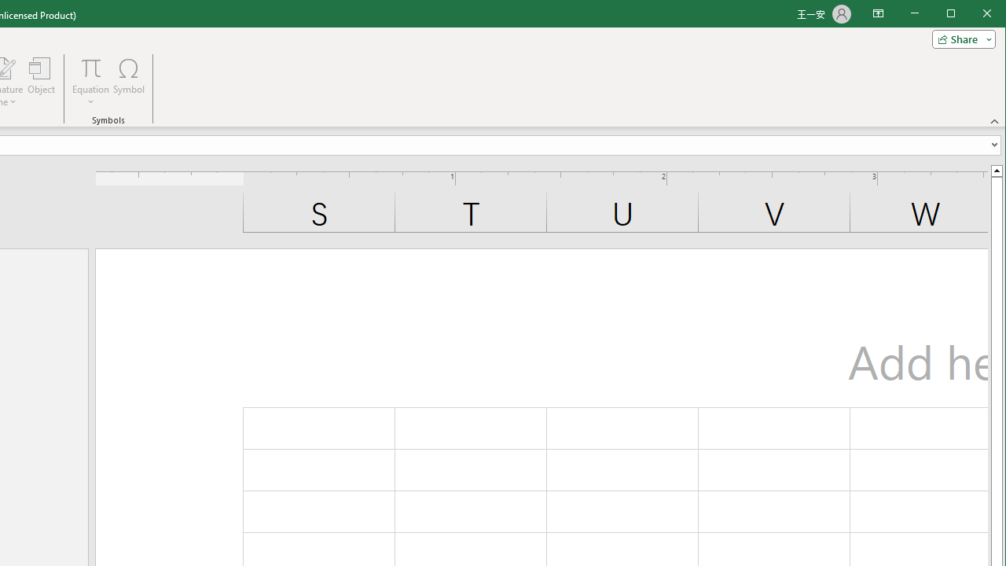  Describe the element at coordinates (129, 82) in the screenshot. I see `'Symbol...'` at that location.